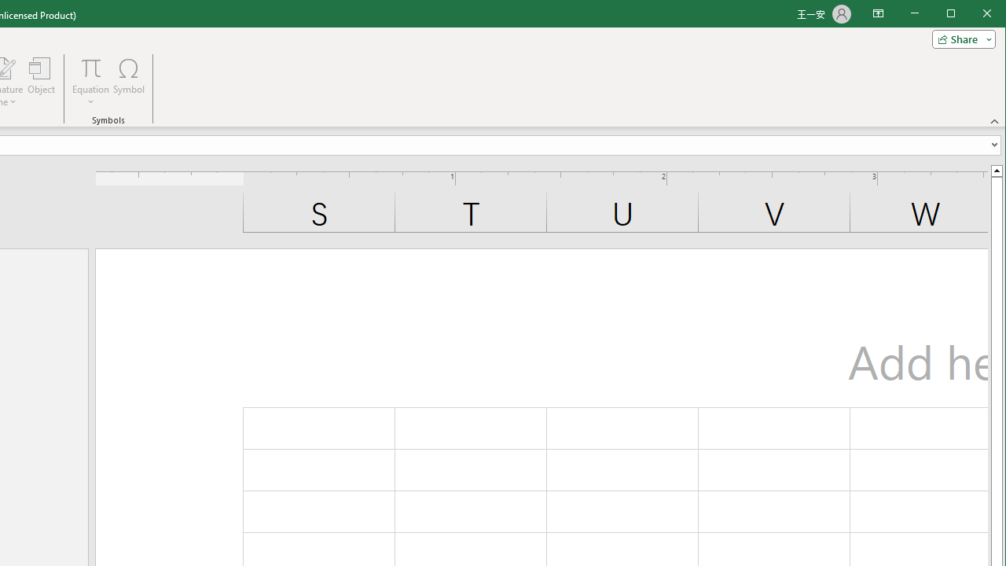  Describe the element at coordinates (129, 82) in the screenshot. I see `'Symbol...'` at that location.